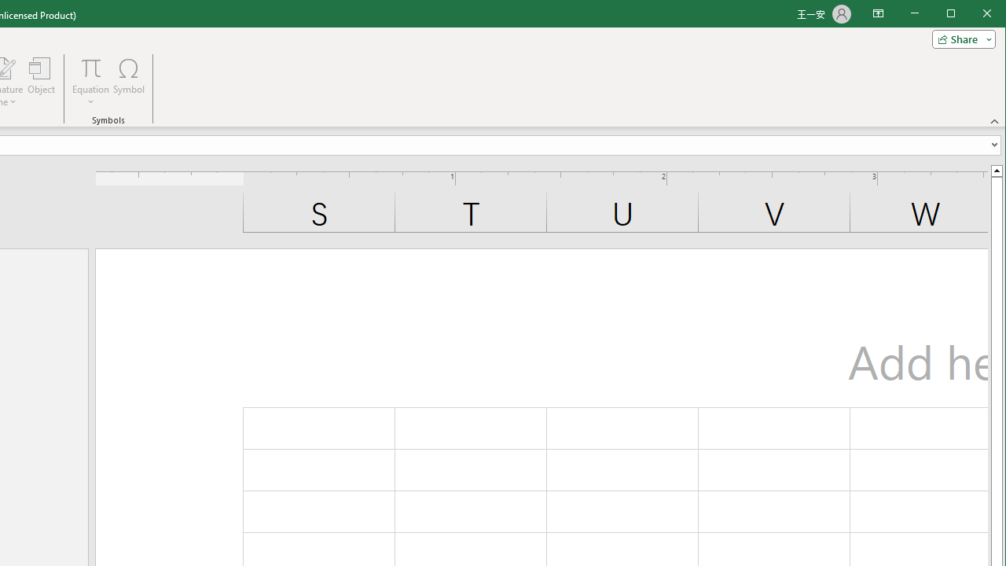  Describe the element at coordinates (129, 82) in the screenshot. I see `'Symbol...'` at that location.